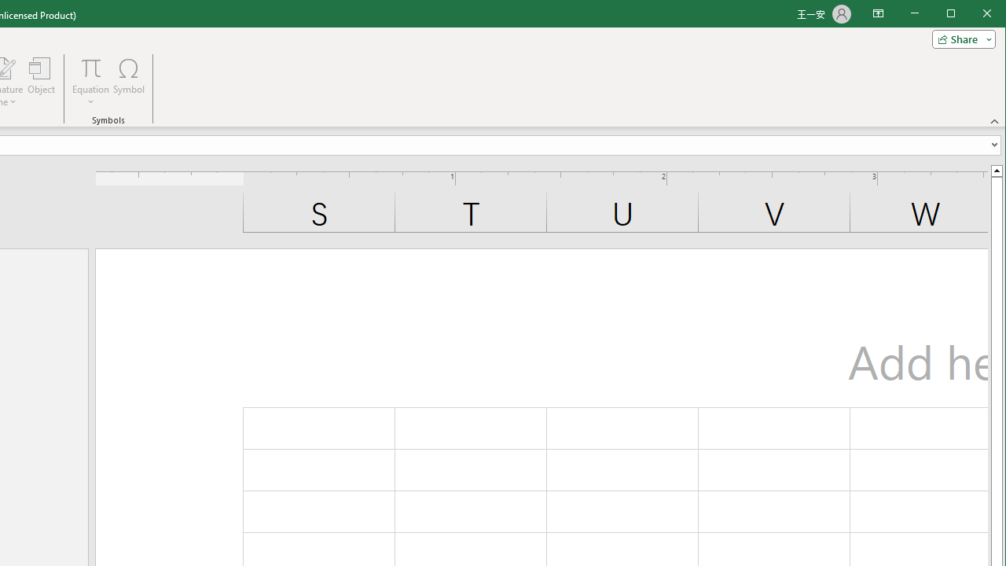  Describe the element at coordinates (129, 82) in the screenshot. I see `'Symbol...'` at that location.